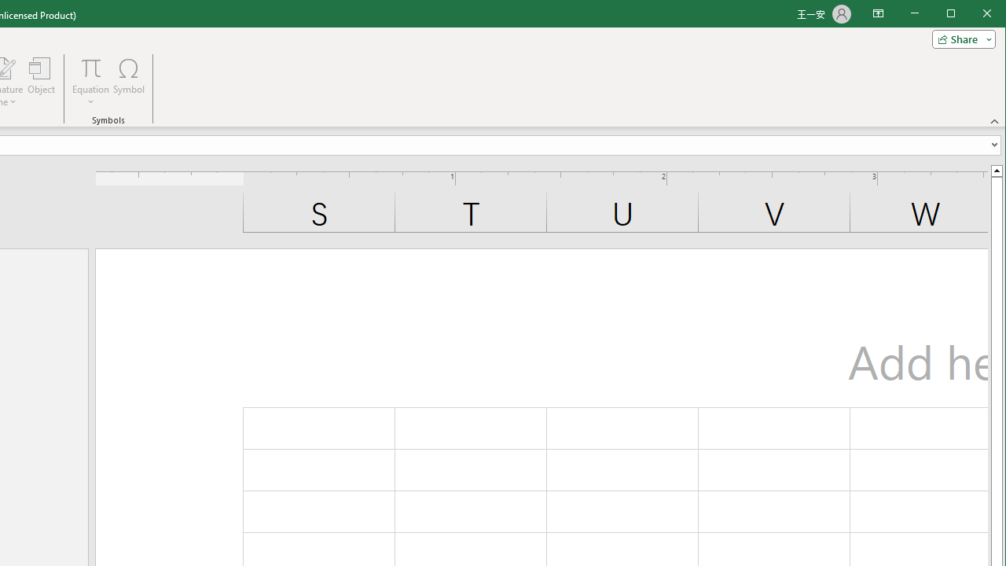  Describe the element at coordinates (129, 82) in the screenshot. I see `'Symbol...'` at that location.